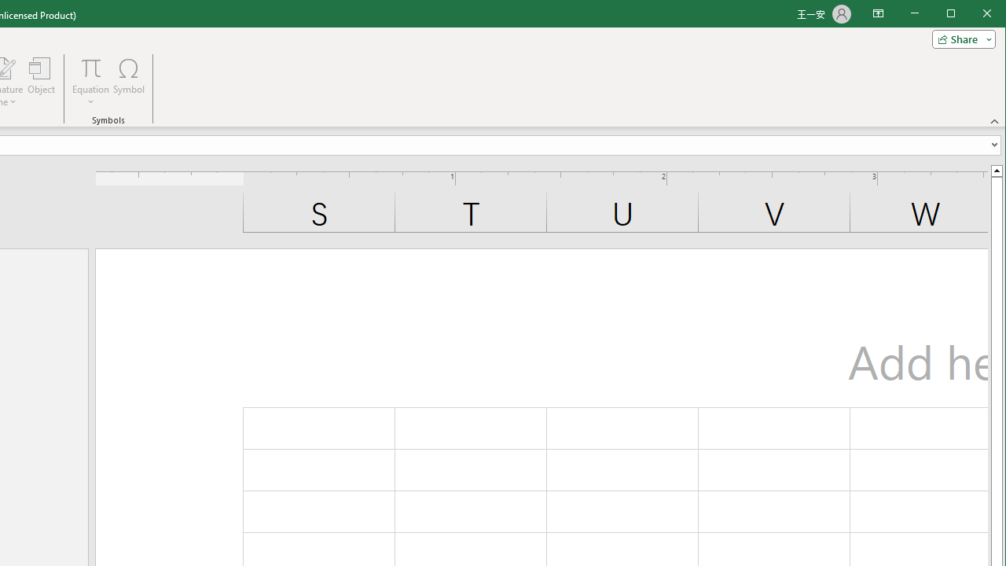  Describe the element at coordinates (129, 82) in the screenshot. I see `'Symbol...'` at that location.